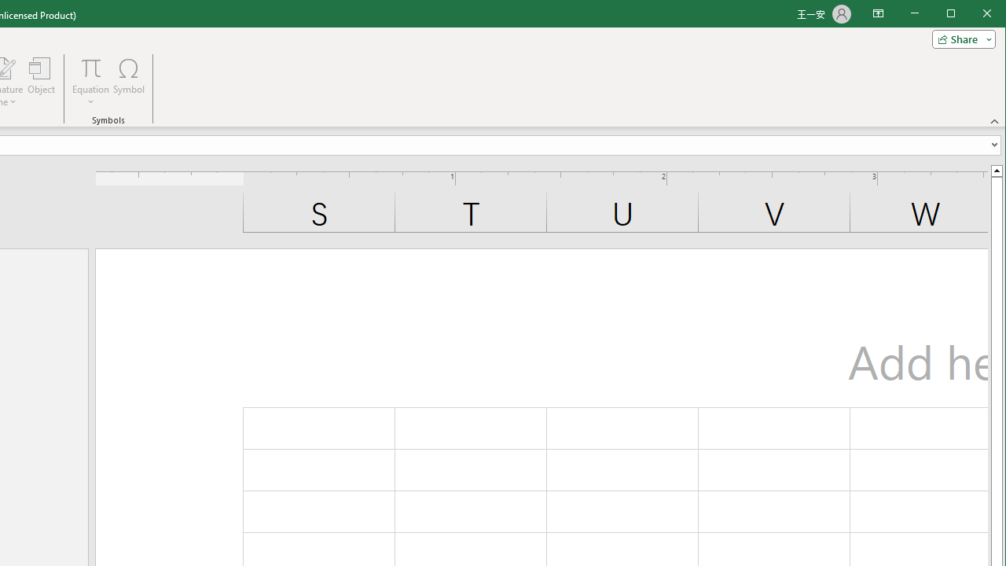  Describe the element at coordinates (129, 82) in the screenshot. I see `'Symbol...'` at that location.